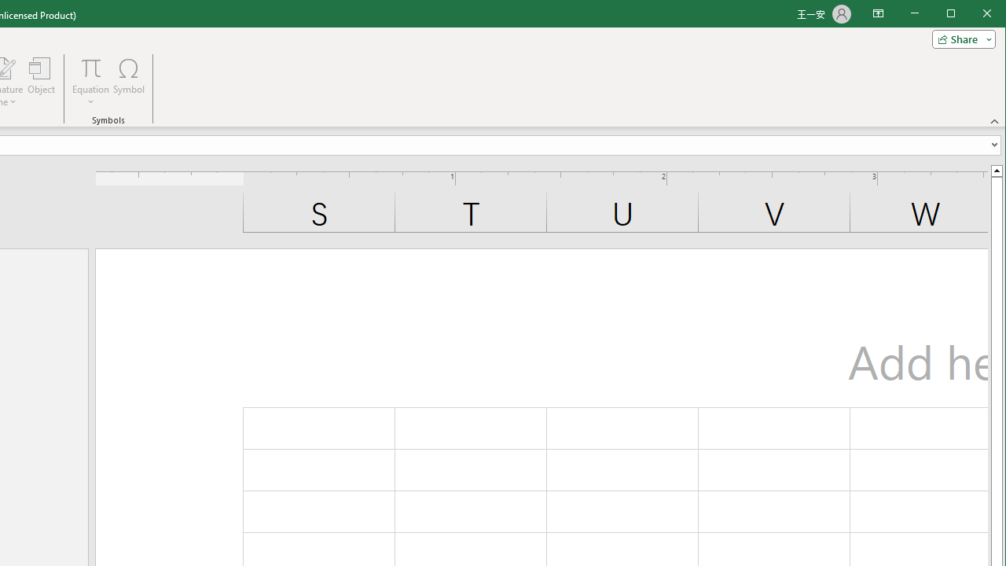  Describe the element at coordinates (129, 82) in the screenshot. I see `'Symbol...'` at that location.